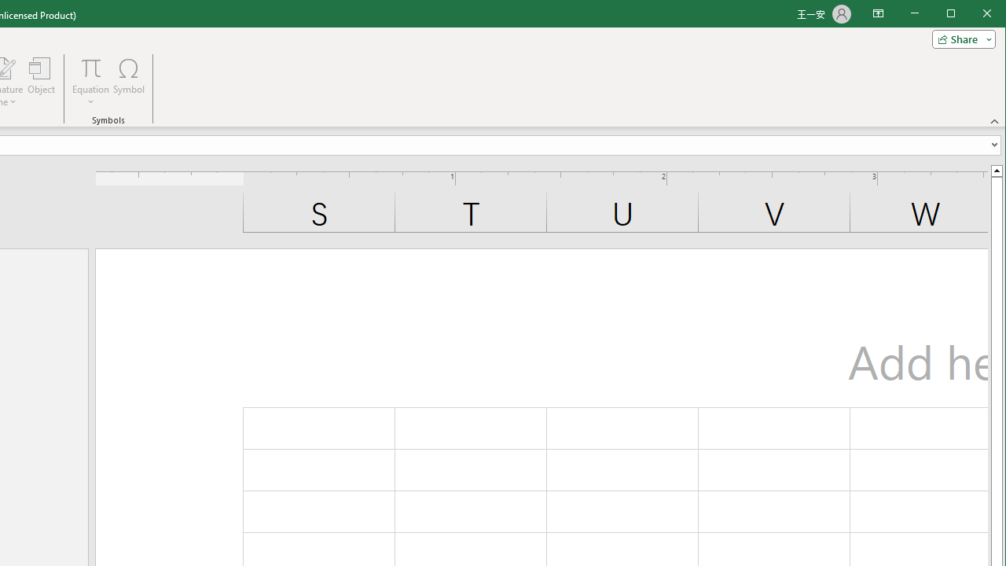  Describe the element at coordinates (129, 82) in the screenshot. I see `'Symbol...'` at that location.